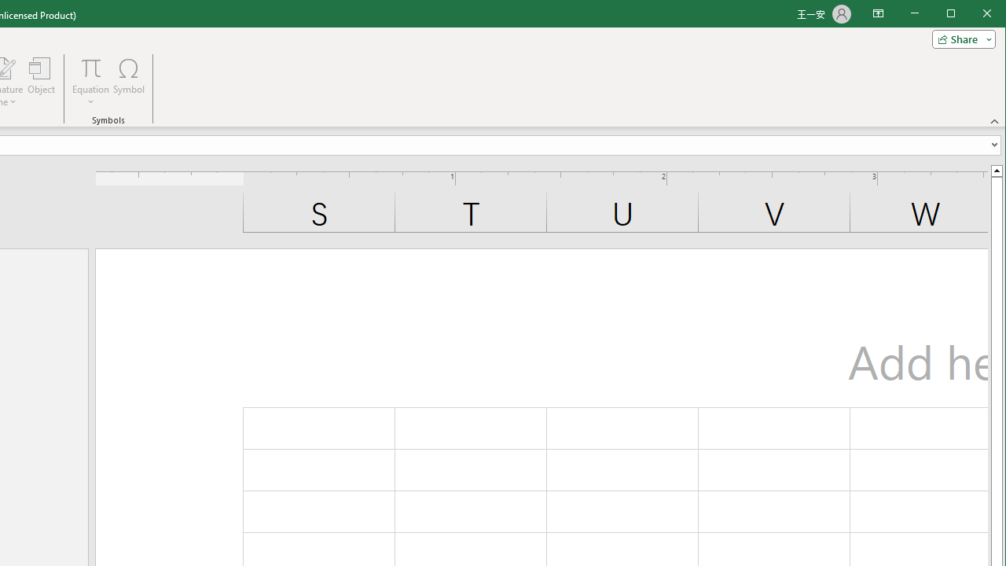  Describe the element at coordinates (129, 82) in the screenshot. I see `'Symbol...'` at that location.